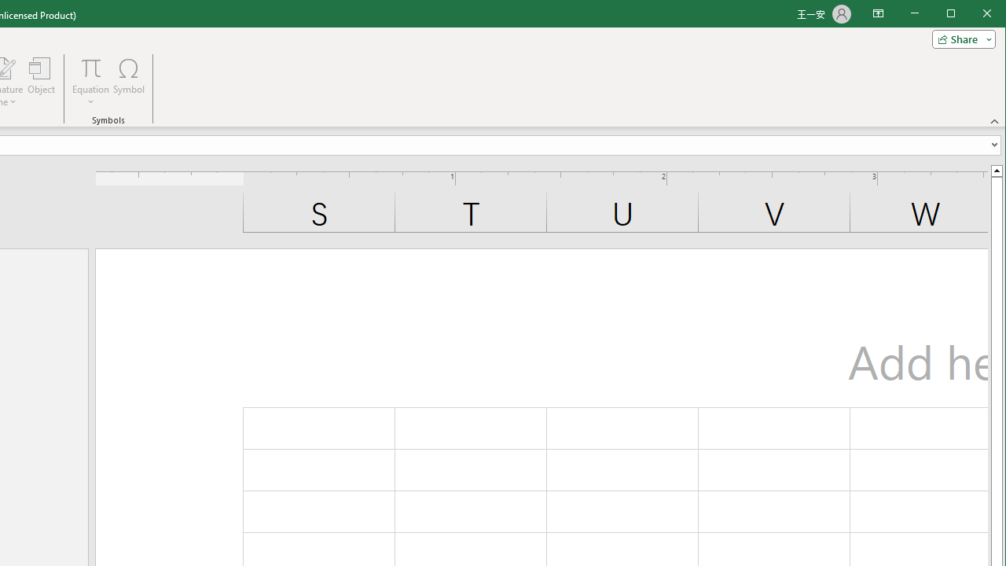  Describe the element at coordinates (129, 82) in the screenshot. I see `'Symbol...'` at that location.